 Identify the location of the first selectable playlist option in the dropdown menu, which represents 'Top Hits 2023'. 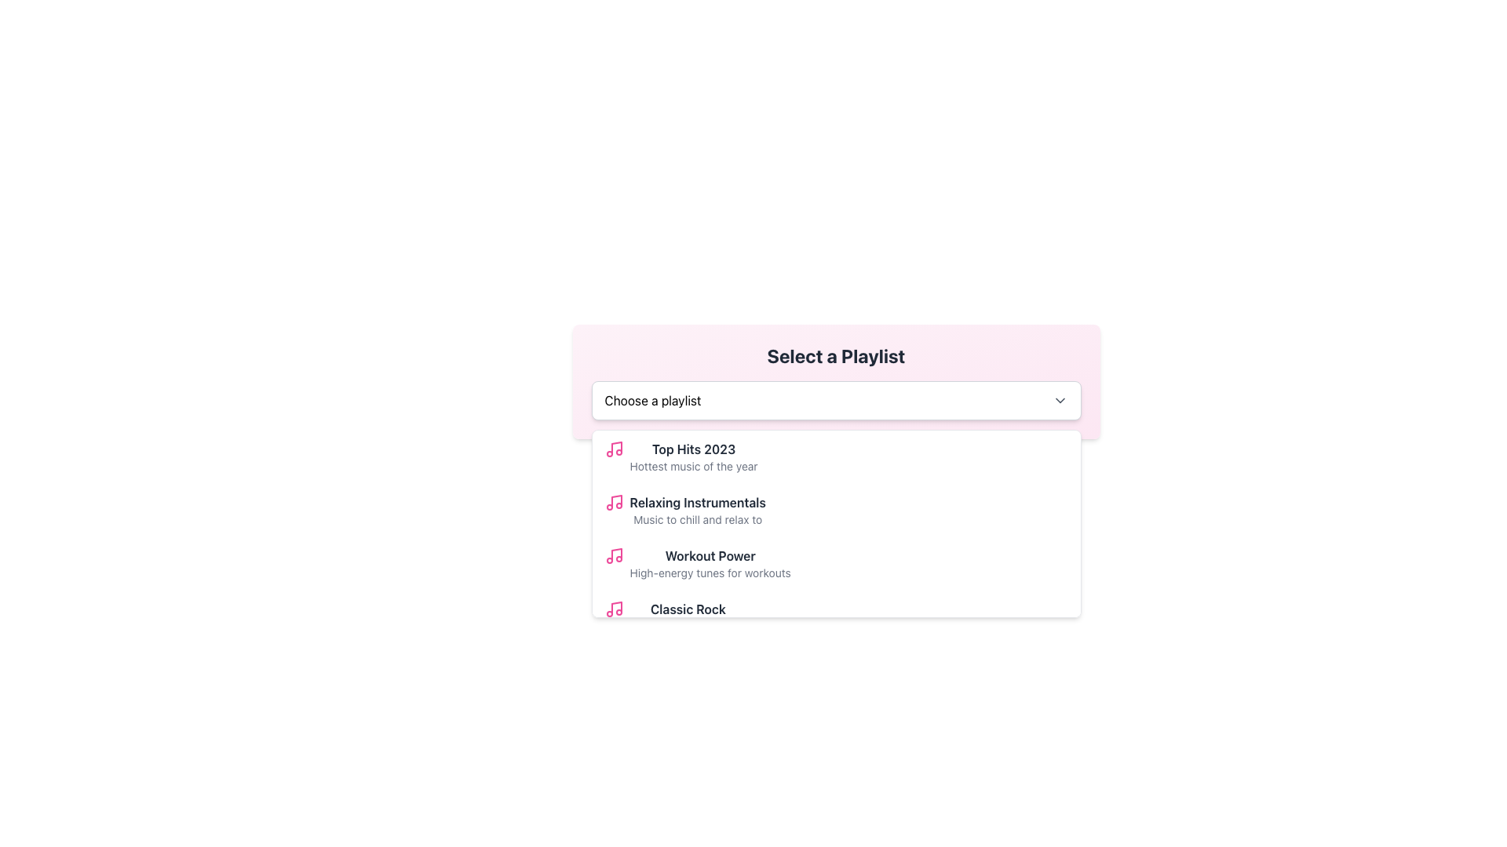
(835, 456).